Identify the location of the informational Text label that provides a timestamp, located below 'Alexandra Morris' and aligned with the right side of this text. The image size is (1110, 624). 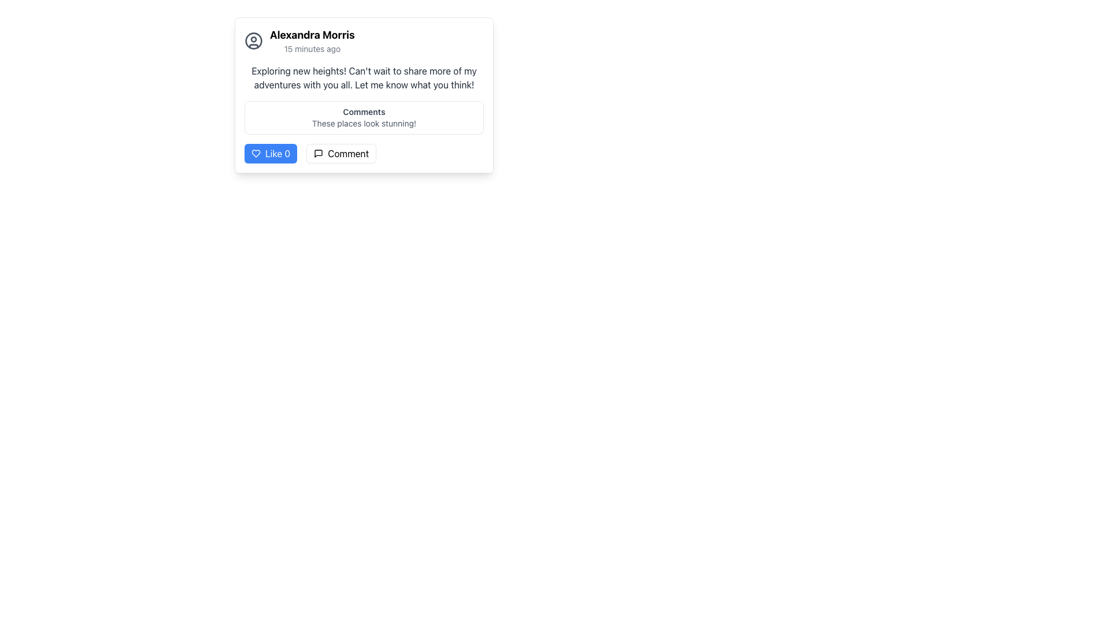
(312, 48).